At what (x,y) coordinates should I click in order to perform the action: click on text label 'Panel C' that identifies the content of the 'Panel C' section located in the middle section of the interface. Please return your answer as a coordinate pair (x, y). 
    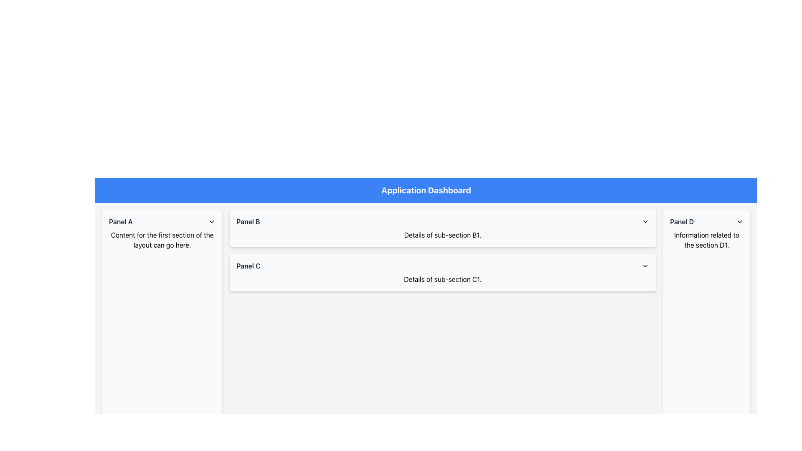
    Looking at the image, I should click on (248, 266).